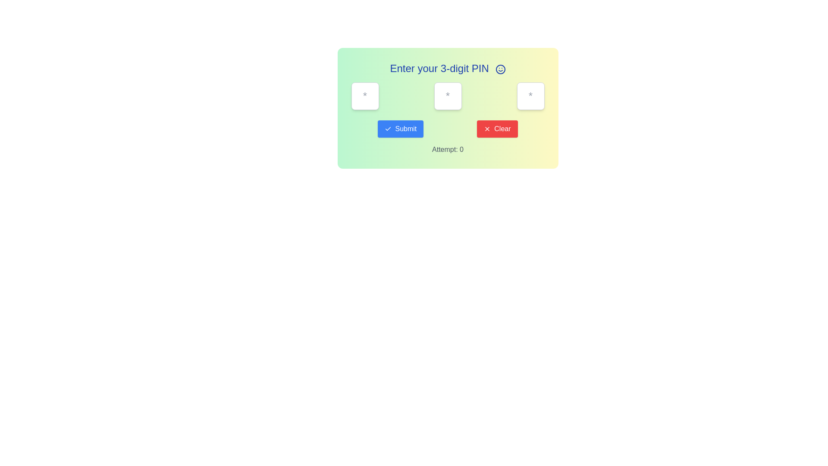  Describe the element at coordinates (448, 149) in the screenshot. I see `the text label displaying 'Attempt: 0', which is styled with light gray text and is located at the bottom of the card-like interactive area, below the submit and clear buttons` at that location.